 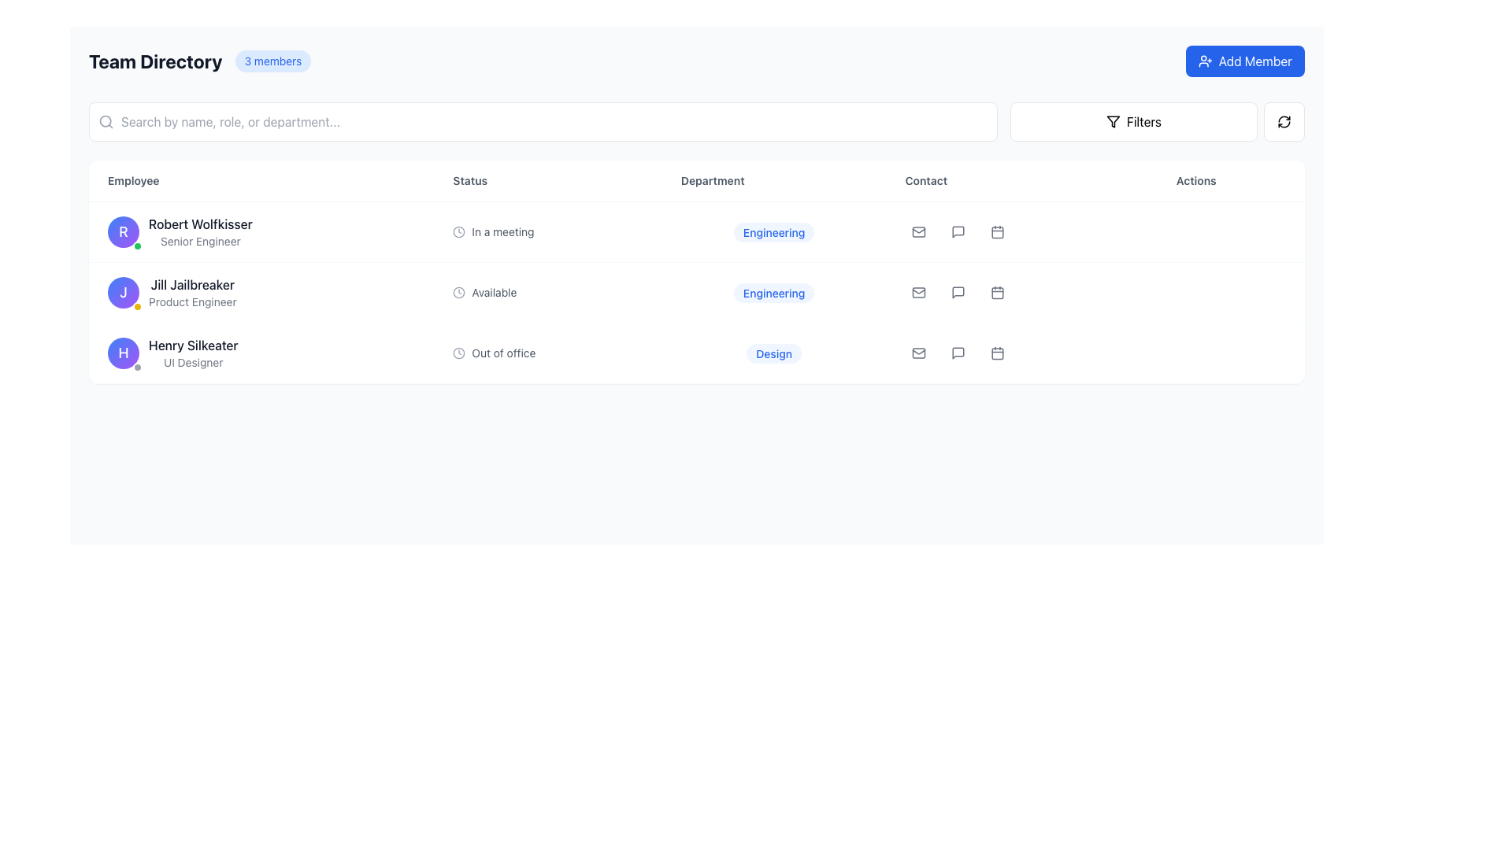 I want to click on the square button with a circular arrow icon, which symbolizes a refresh action, located on the right side of the top filter section to refresh data, so click(x=1284, y=120).